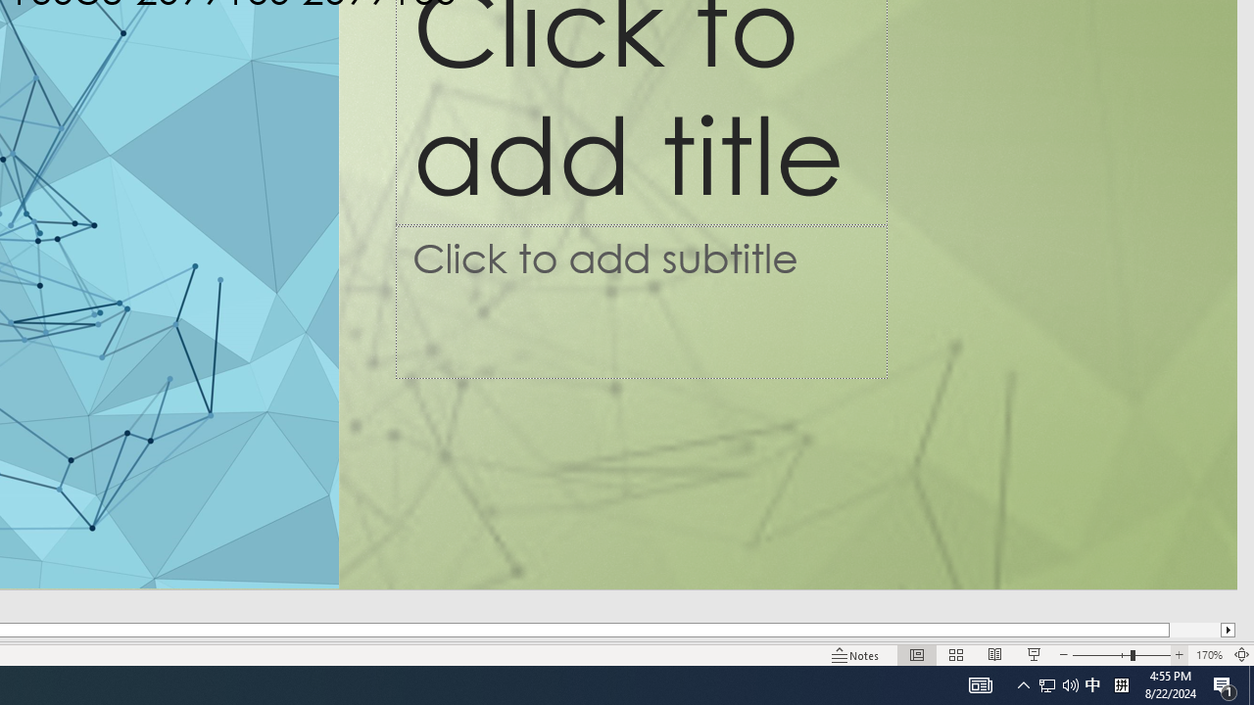  Describe the element at coordinates (1101, 655) in the screenshot. I see `'Zoom Out'` at that location.